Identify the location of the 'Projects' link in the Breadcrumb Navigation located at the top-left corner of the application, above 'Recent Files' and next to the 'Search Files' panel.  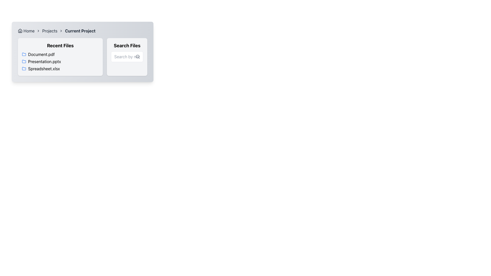
(82, 31).